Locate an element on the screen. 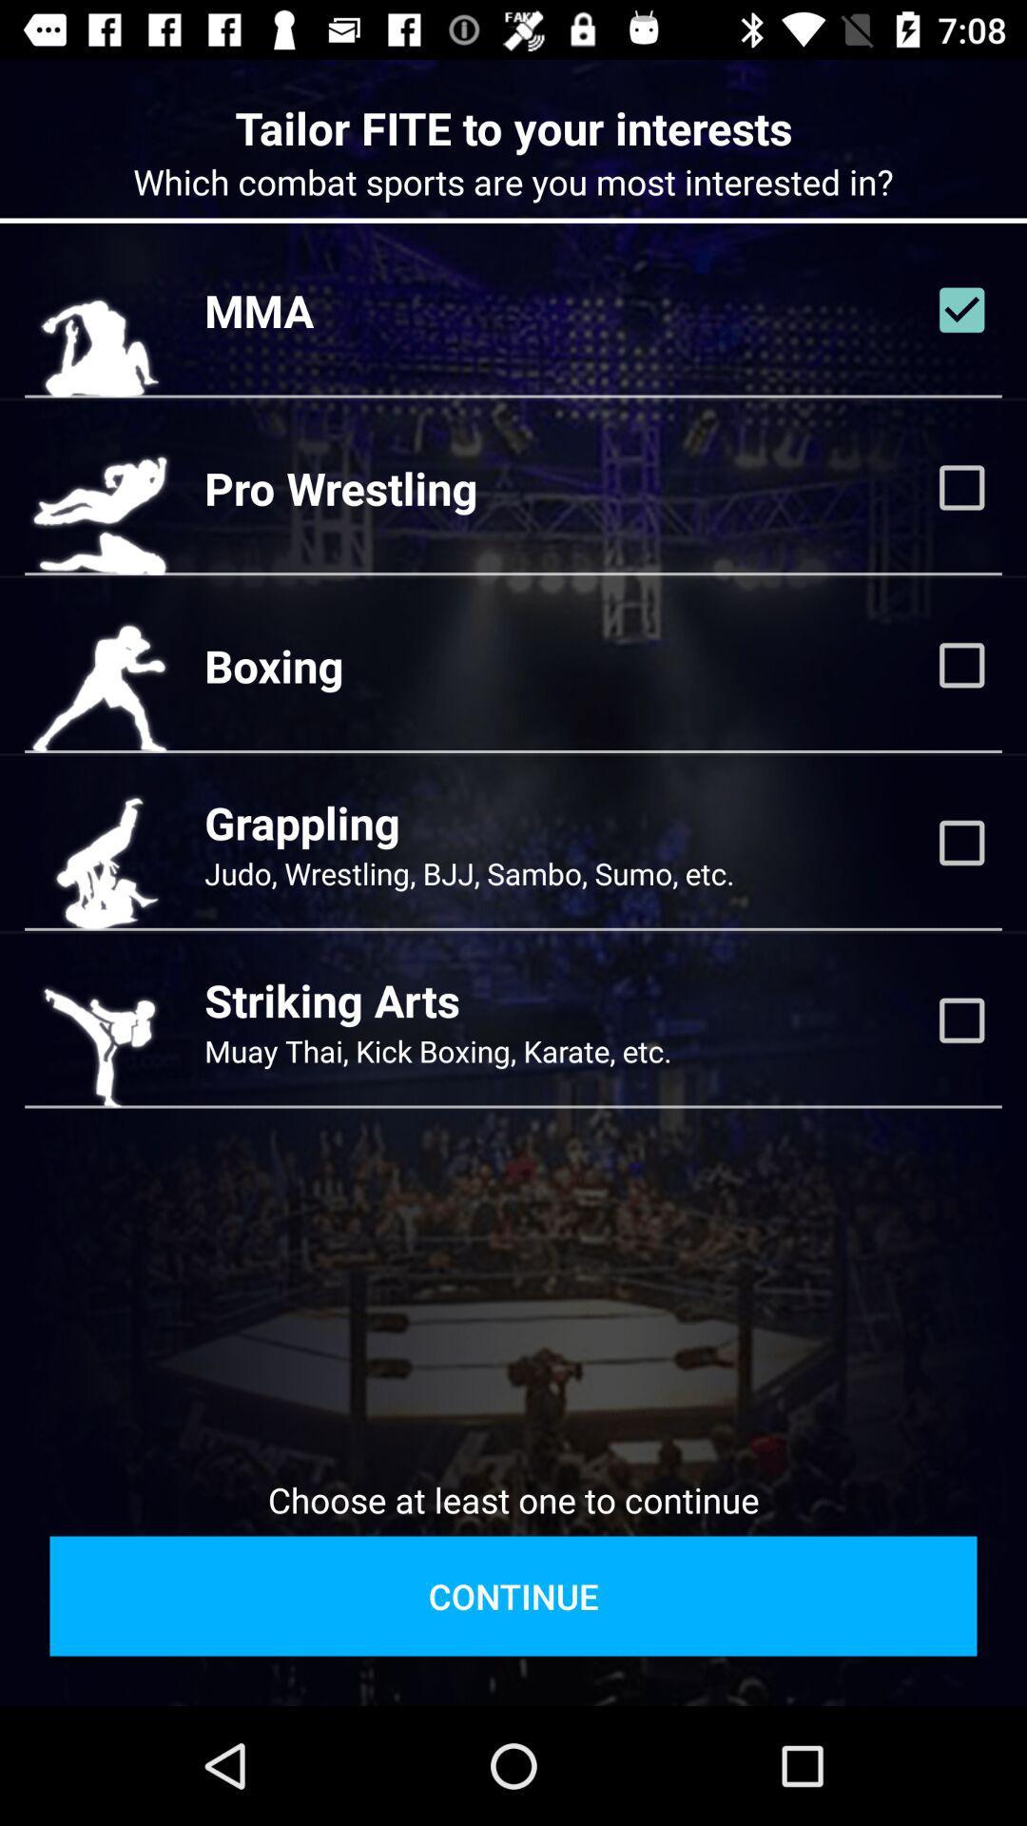 Image resolution: width=1027 pixels, height=1826 pixels. the icon above the judo wrestling bjj icon is located at coordinates (300, 823).